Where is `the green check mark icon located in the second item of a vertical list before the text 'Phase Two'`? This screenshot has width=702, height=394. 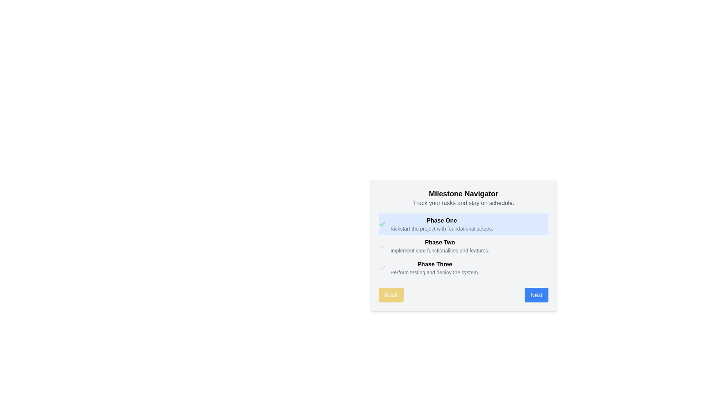
the green check mark icon located in the second item of a vertical list before the text 'Phase Two' is located at coordinates (382, 223).